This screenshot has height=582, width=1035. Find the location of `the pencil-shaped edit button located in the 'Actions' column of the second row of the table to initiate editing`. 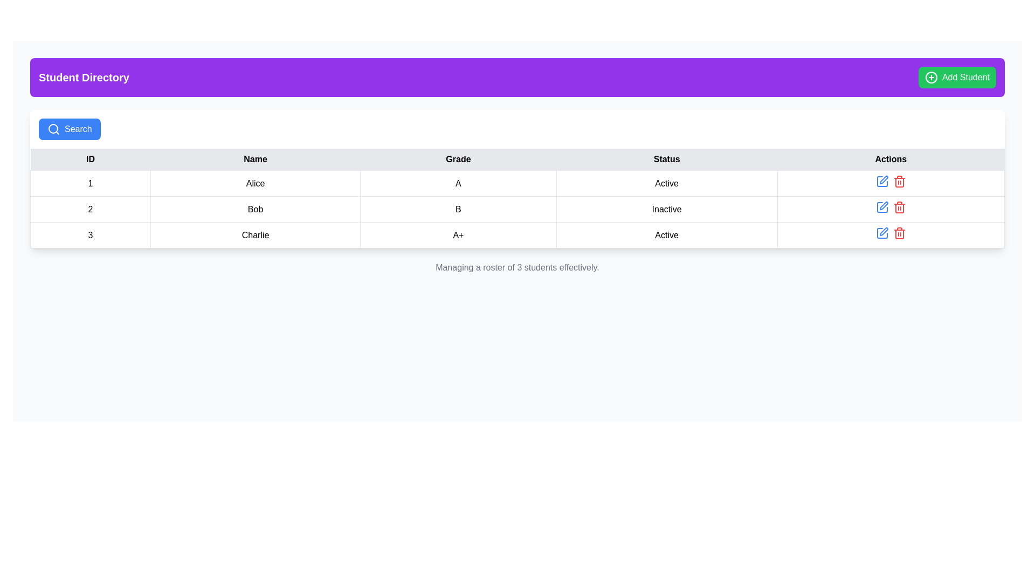

the pencil-shaped edit button located in the 'Actions' column of the second row of the table to initiate editing is located at coordinates (882, 207).